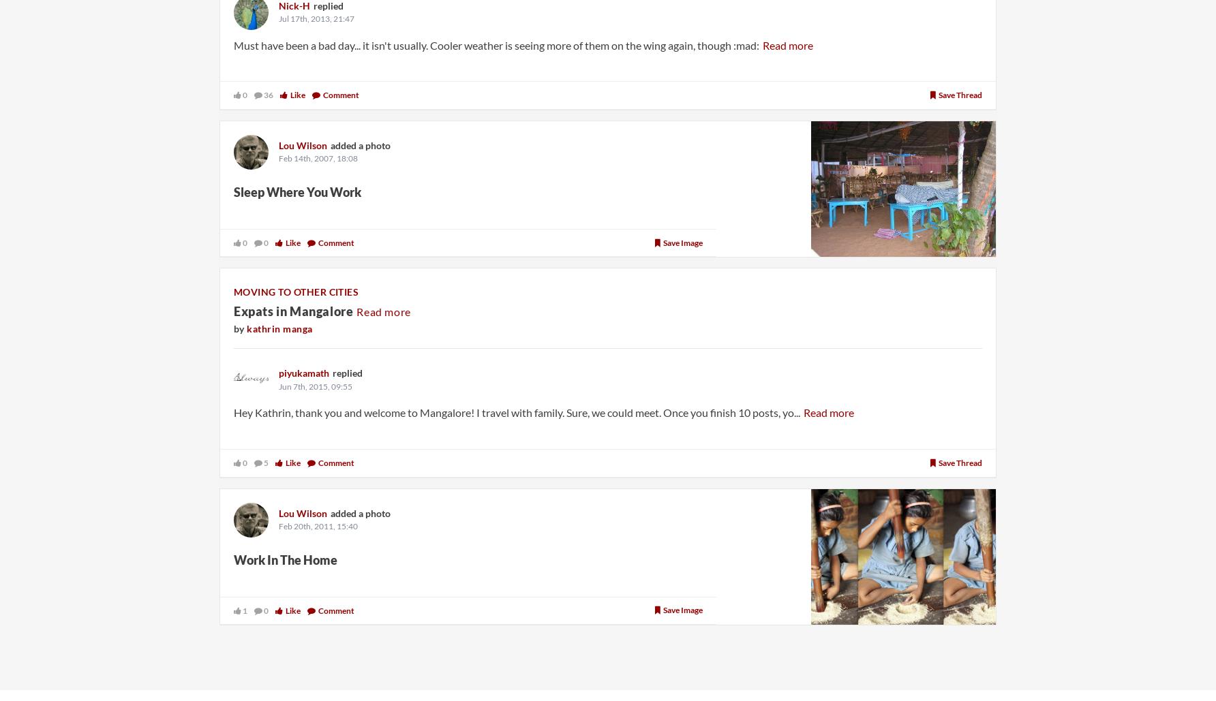  Describe the element at coordinates (278, 157) in the screenshot. I see `'Feb 14th, 2007, 18:08'` at that location.